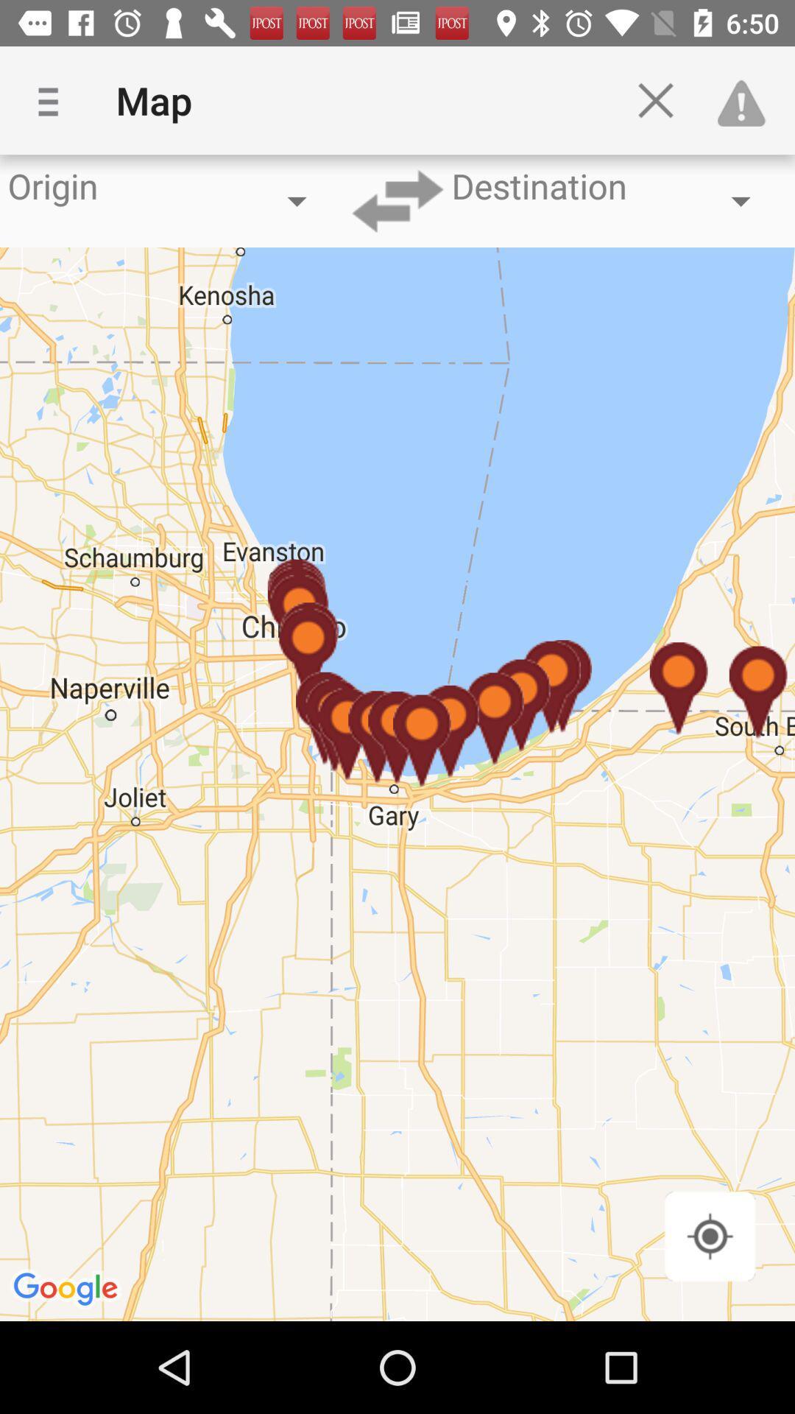 The image size is (795, 1414). What do you see at coordinates (397, 200) in the screenshot?
I see `destination` at bounding box center [397, 200].